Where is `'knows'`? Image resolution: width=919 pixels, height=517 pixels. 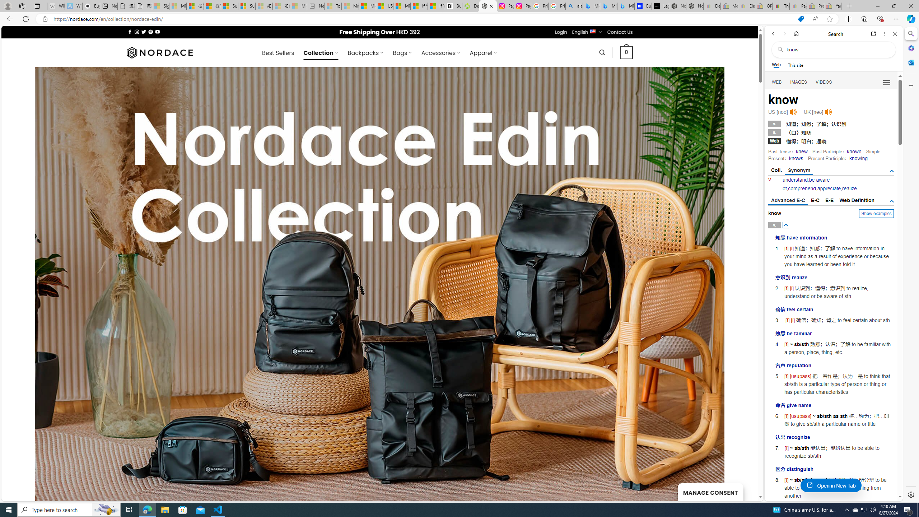
'knows' is located at coordinates (795, 158).